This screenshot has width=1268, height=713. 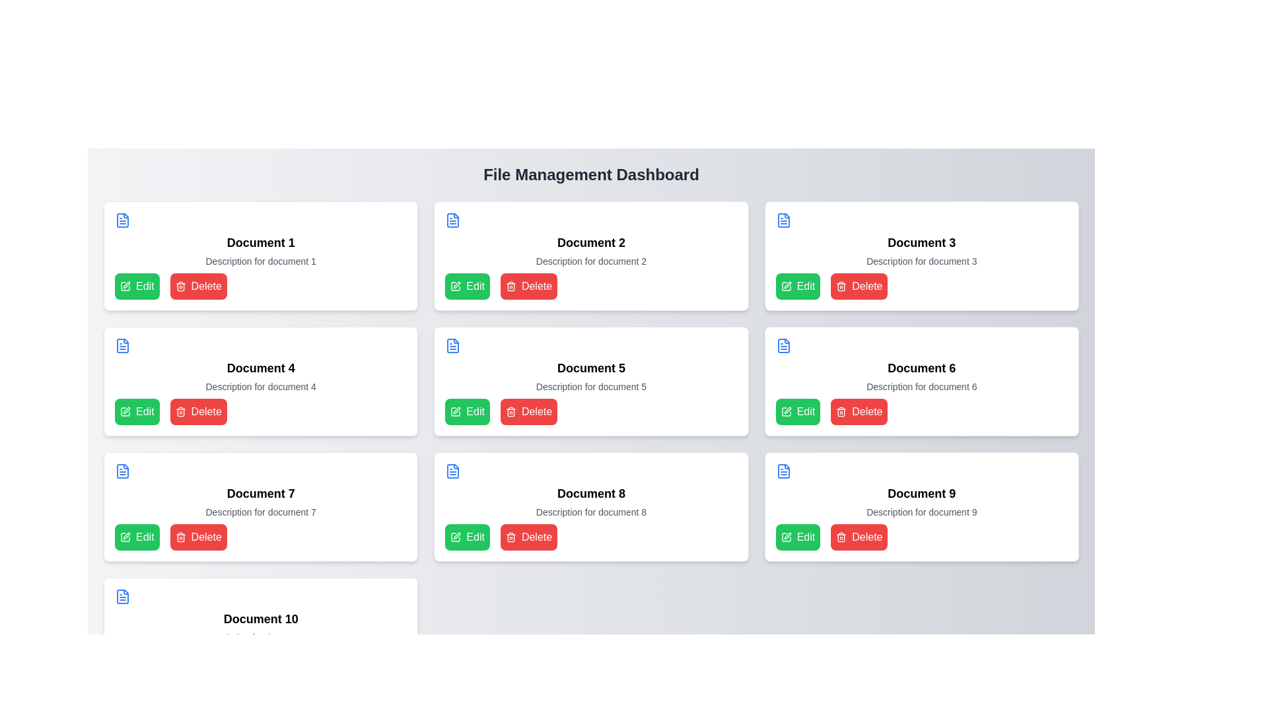 I want to click on the delete button for 'Document 6', so click(x=859, y=411).